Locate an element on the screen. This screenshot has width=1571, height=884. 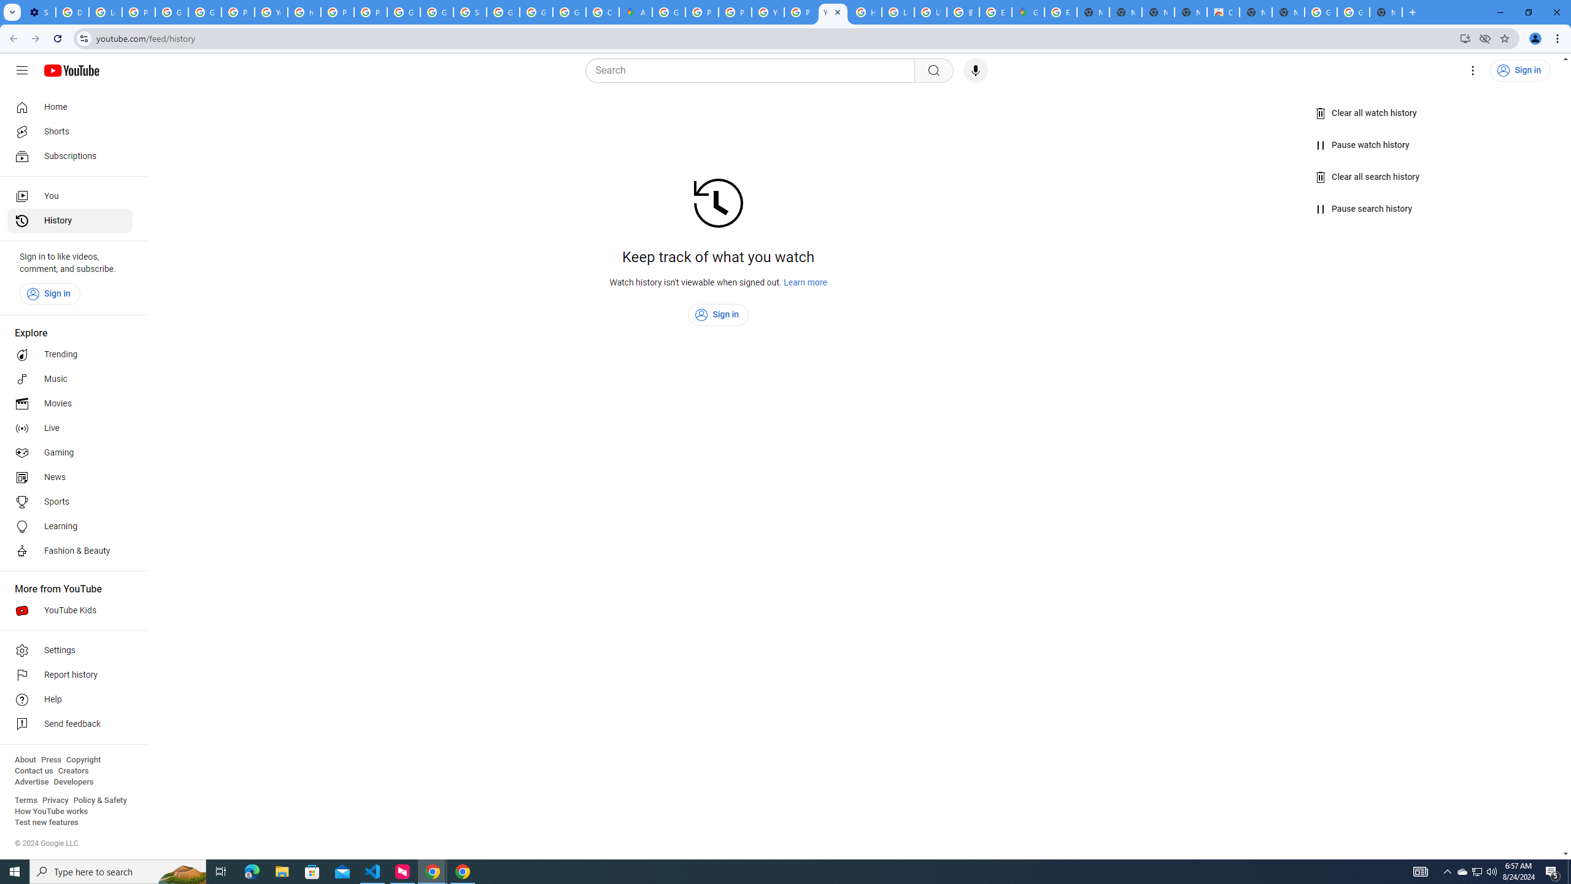
'Advertise' is located at coordinates (31, 781).